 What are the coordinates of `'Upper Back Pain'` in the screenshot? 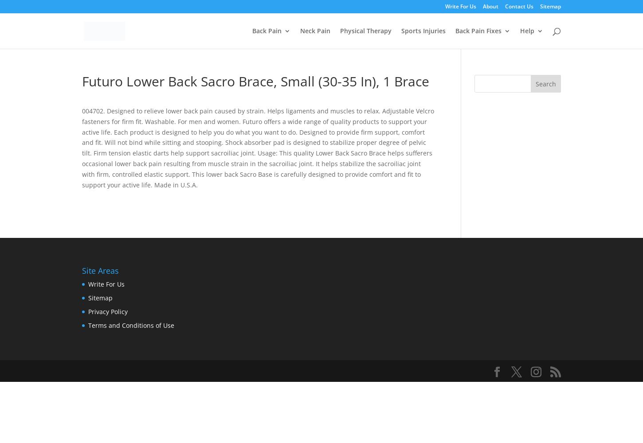 It's located at (294, 120).